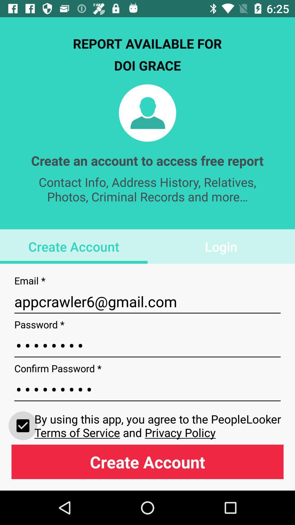  Describe the element at coordinates (147, 301) in the screenshot. I see `item above crod3116 icon` at that location.